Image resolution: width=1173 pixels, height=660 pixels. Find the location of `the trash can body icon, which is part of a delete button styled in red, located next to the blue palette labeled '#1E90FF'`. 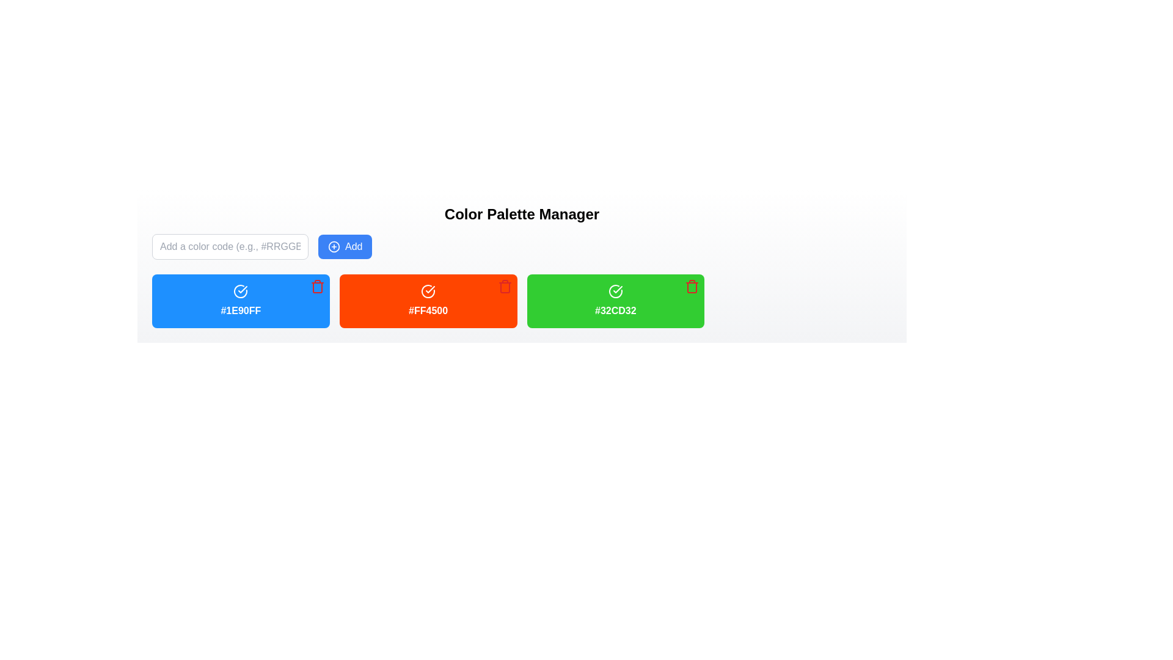

the trash can body icon, which is part of a delete button styled in red, located next to the blue palette labeled '#1E90FF' is located at coordinates (317, 287).